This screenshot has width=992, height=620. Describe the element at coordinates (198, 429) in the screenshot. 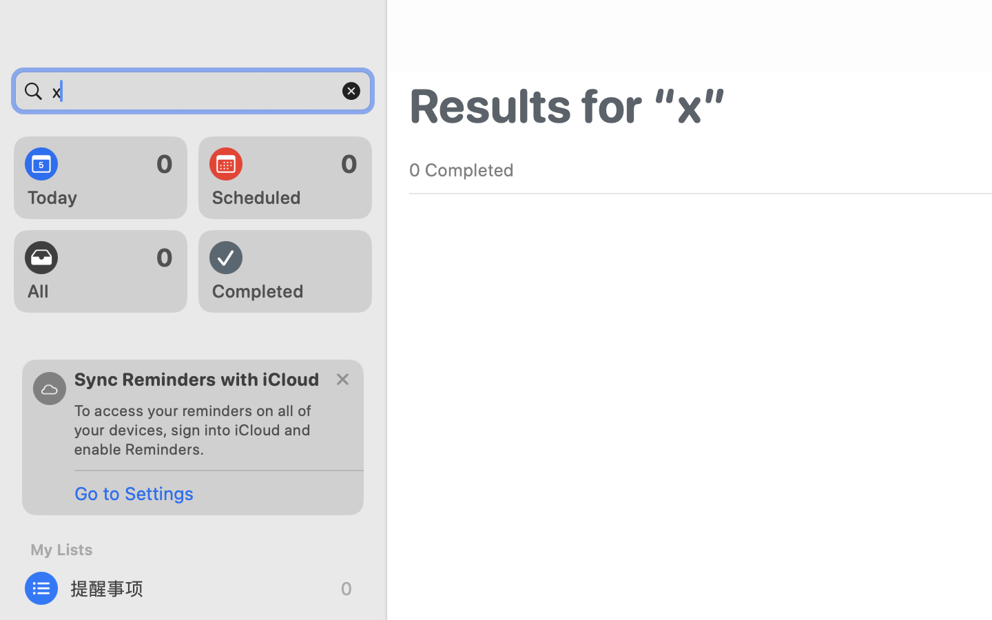

I see `'To access your reminders on all of your devices, sign into iCloud and enable Reminders.'` at that location.